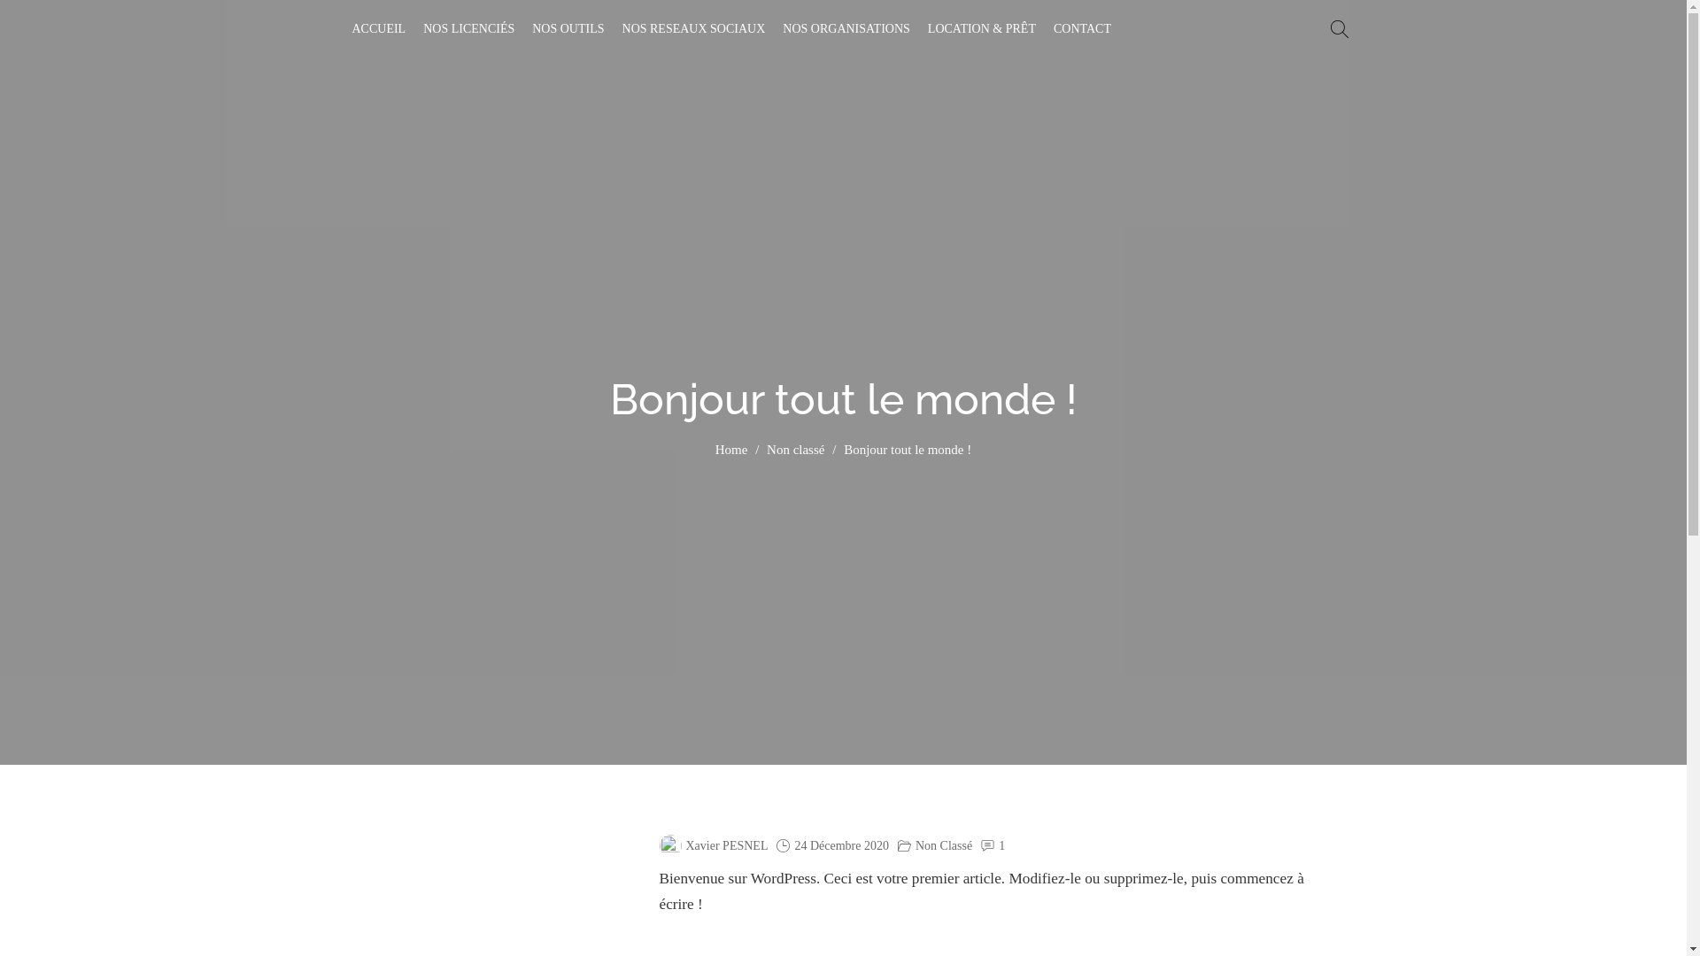 The image size is (1700, 956). I want to click on 'NOS ORGANISATIONS', so click(845, 29).